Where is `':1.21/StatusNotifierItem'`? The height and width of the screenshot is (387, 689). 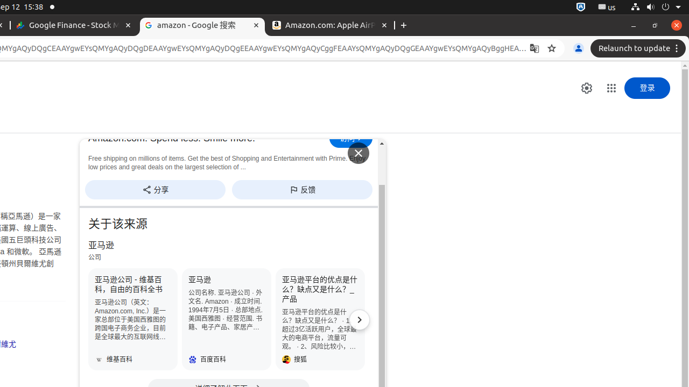
':1.21/StatusNotifierItem' is located at coordinates (607, 7).